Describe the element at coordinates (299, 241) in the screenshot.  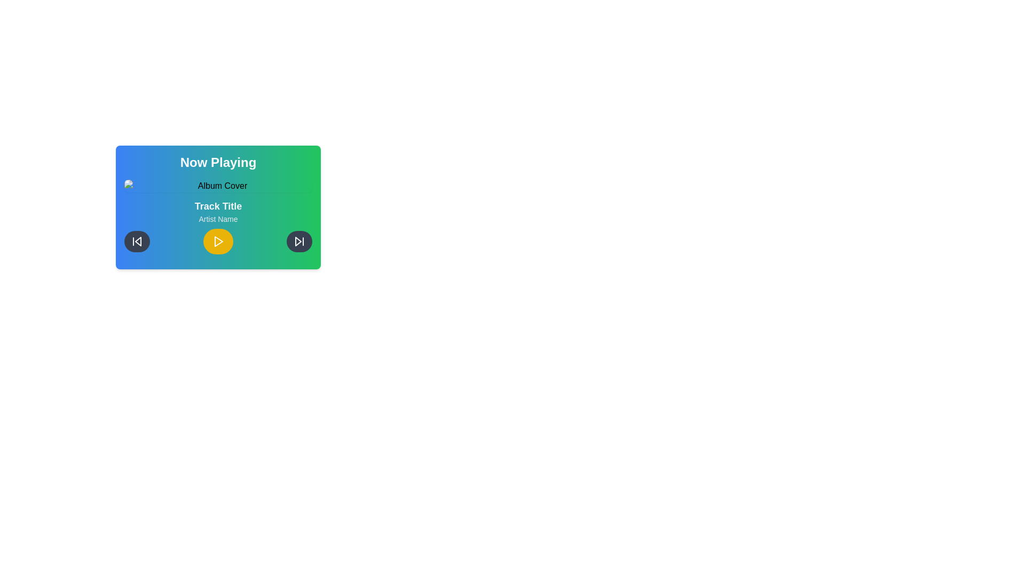
I see `the forward-skip button located in the bottom-right corner of the media player control bar` at that location.